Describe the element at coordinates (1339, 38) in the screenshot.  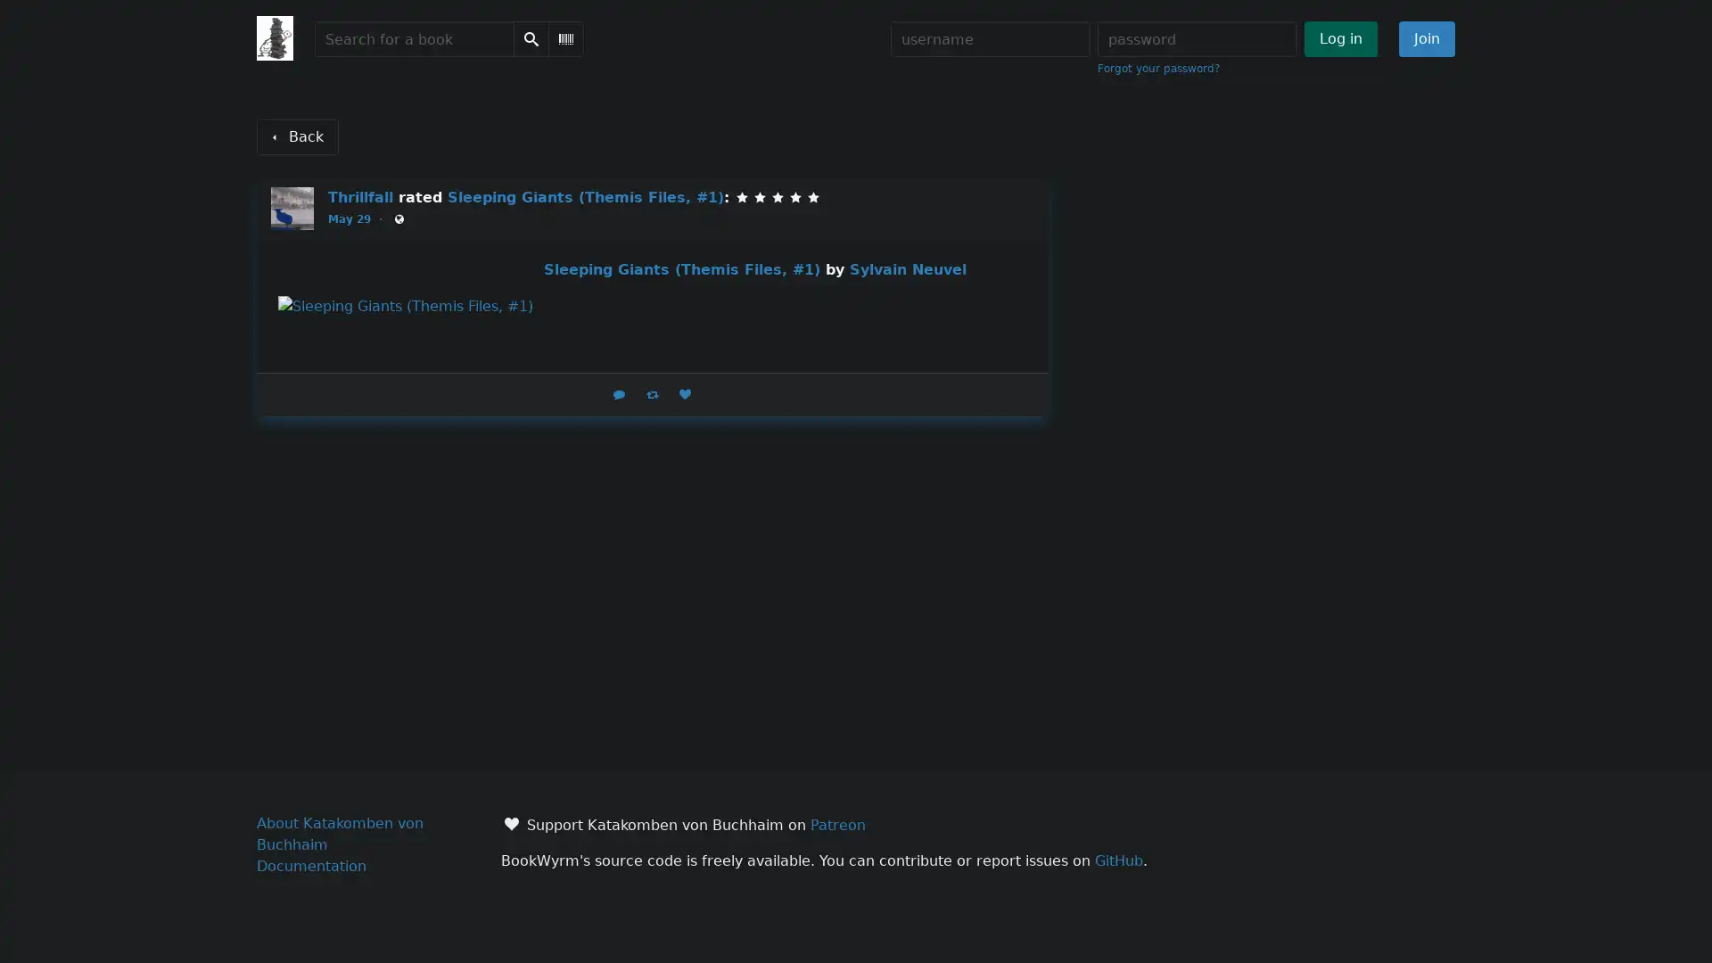
I see `Log in` at that location.